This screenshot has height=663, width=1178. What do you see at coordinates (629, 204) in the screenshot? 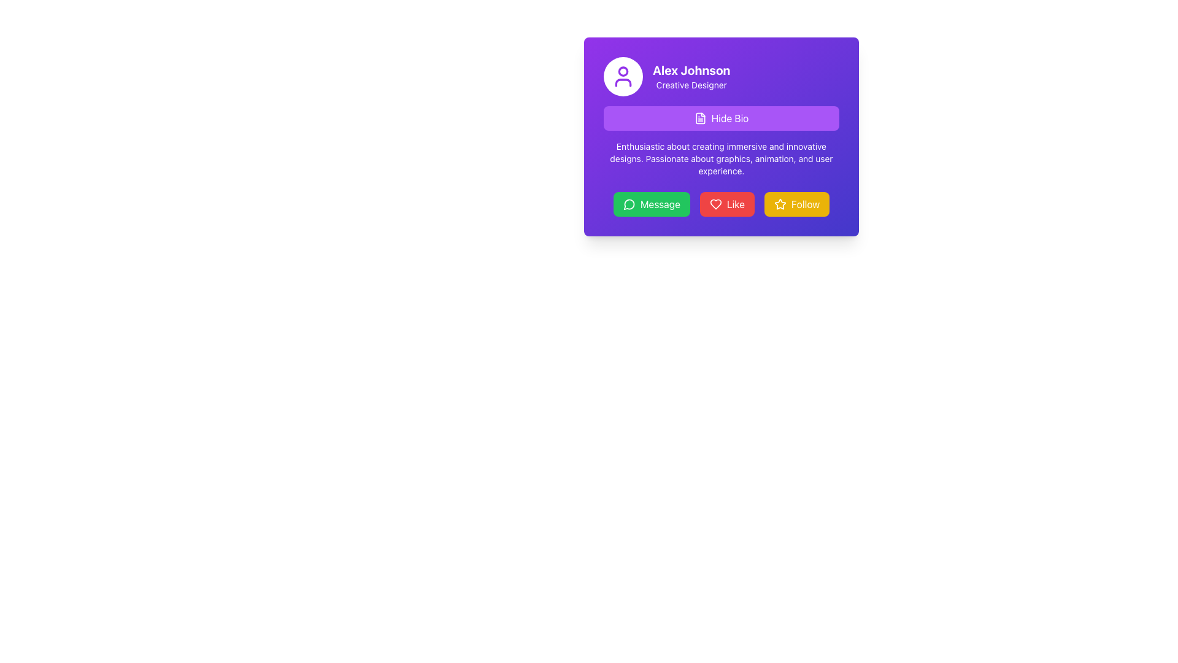
I see `the circular icon located within the green 'Message' button, which is the leftmost button in a horizontal row of buttons at the bottom of the purple card interface` at bounding box center [629, 204].